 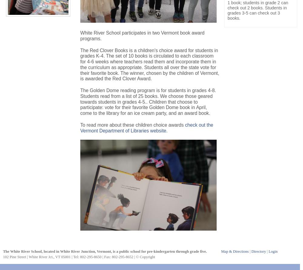 What do you see at coordinates (235, 251) in the screenshot?
I see `'Map & Directions'` at bounding box center [235, 251].